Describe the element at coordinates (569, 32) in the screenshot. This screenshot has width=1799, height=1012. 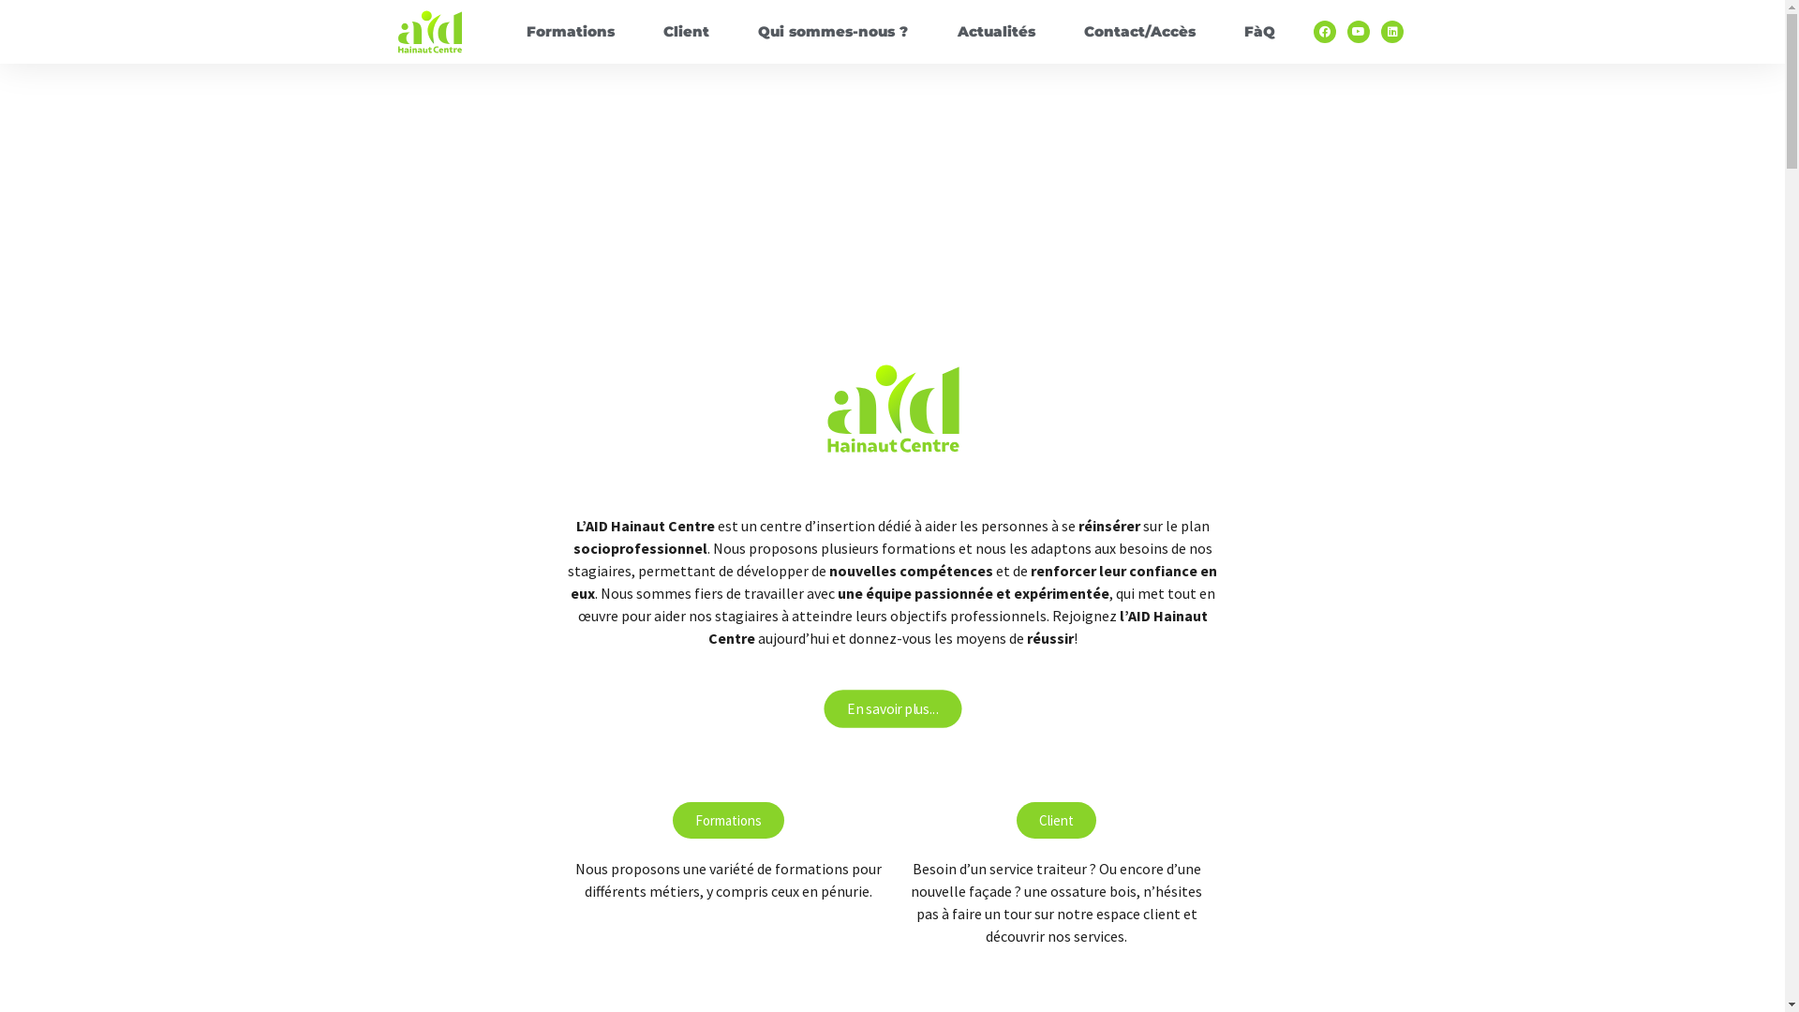
I see `'Formations'` at that location.